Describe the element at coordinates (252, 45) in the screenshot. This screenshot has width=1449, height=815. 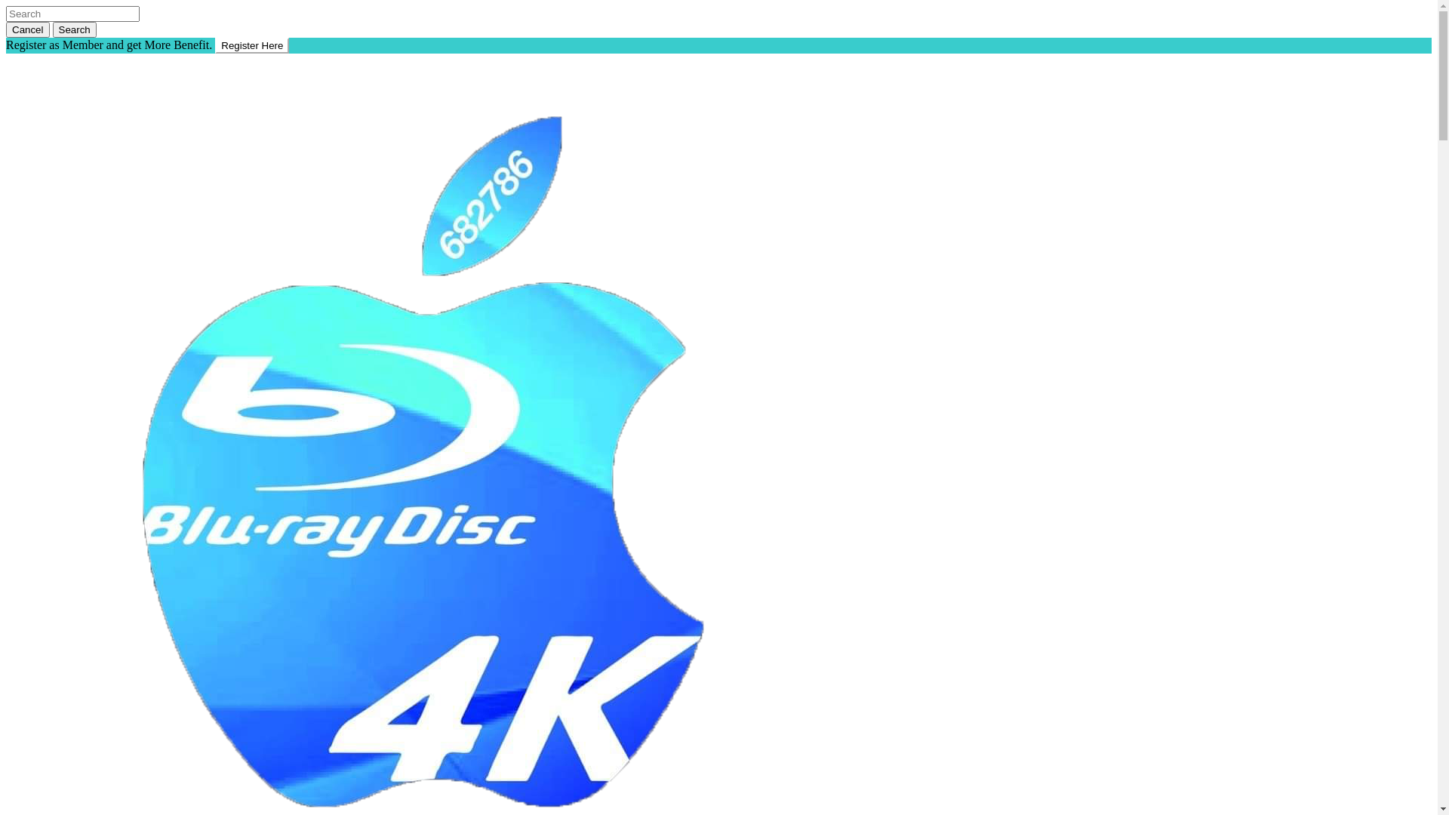
I see `'Register Here'` at that location.